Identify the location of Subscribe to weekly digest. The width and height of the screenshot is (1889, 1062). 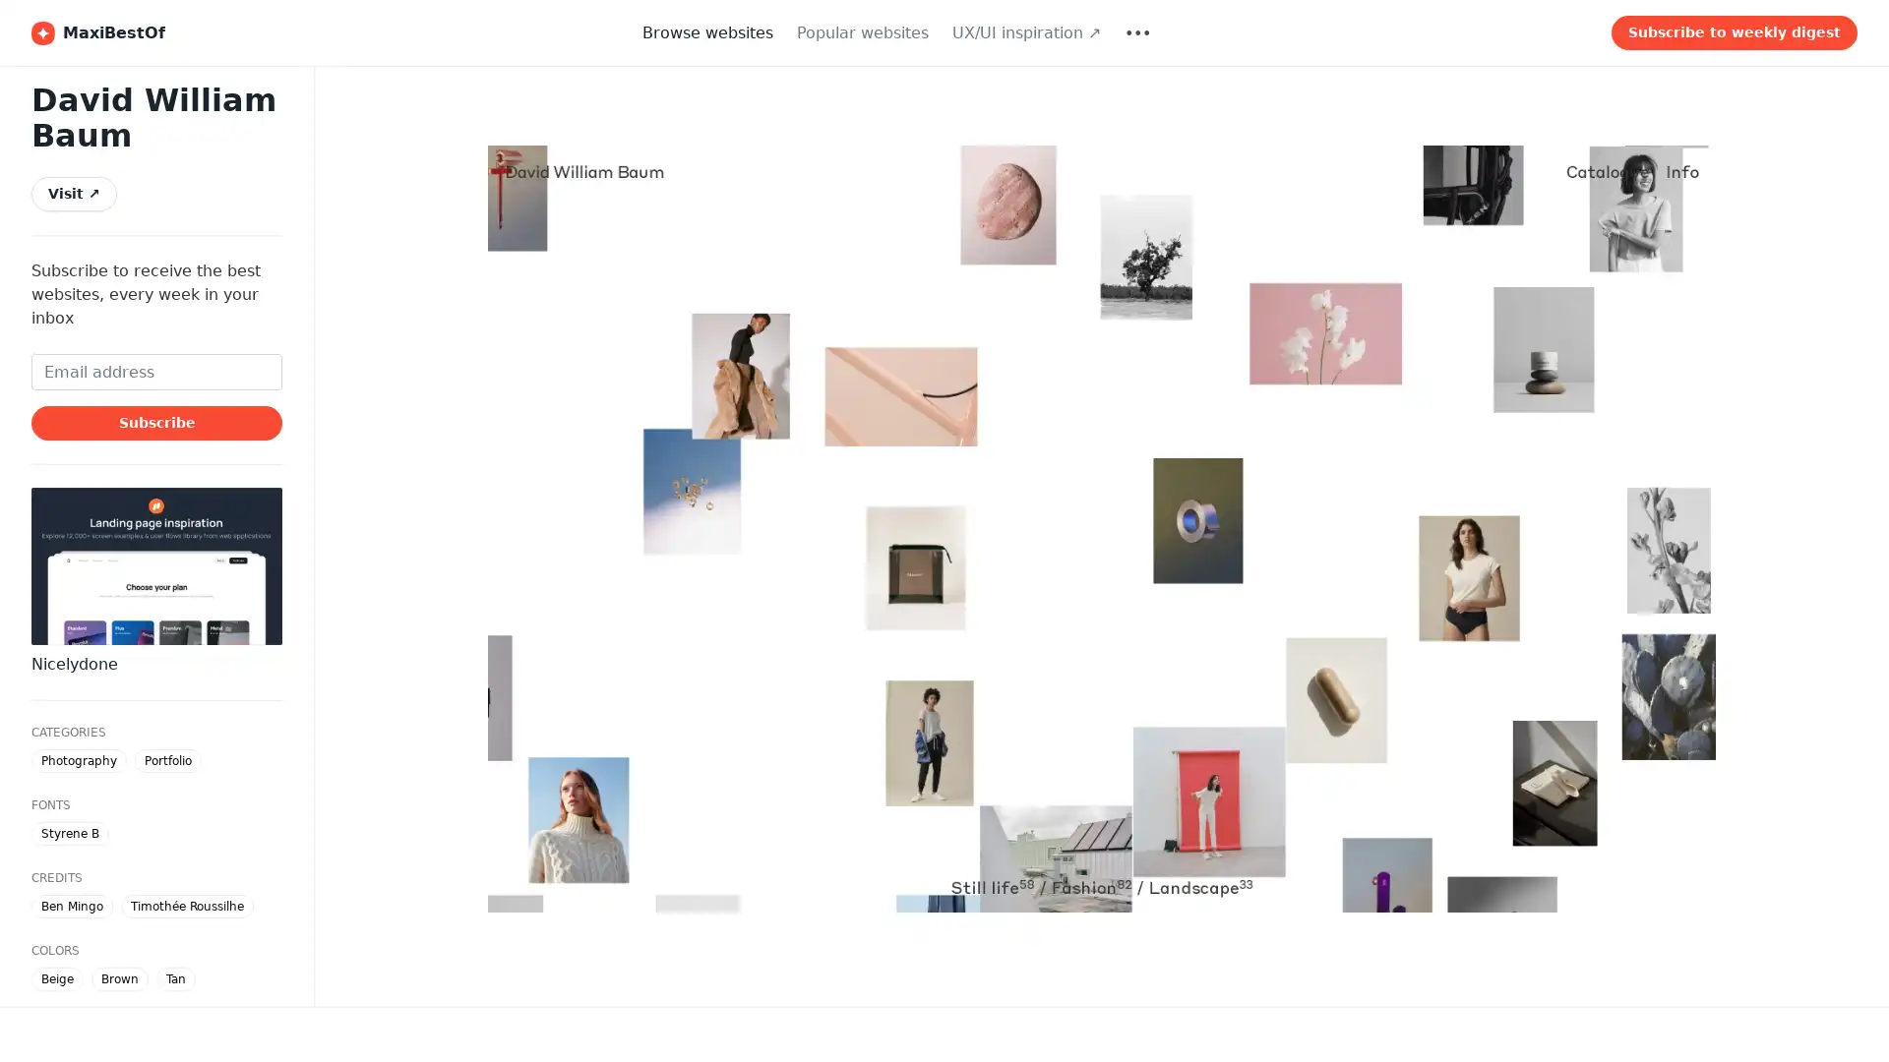
(1734, 32).